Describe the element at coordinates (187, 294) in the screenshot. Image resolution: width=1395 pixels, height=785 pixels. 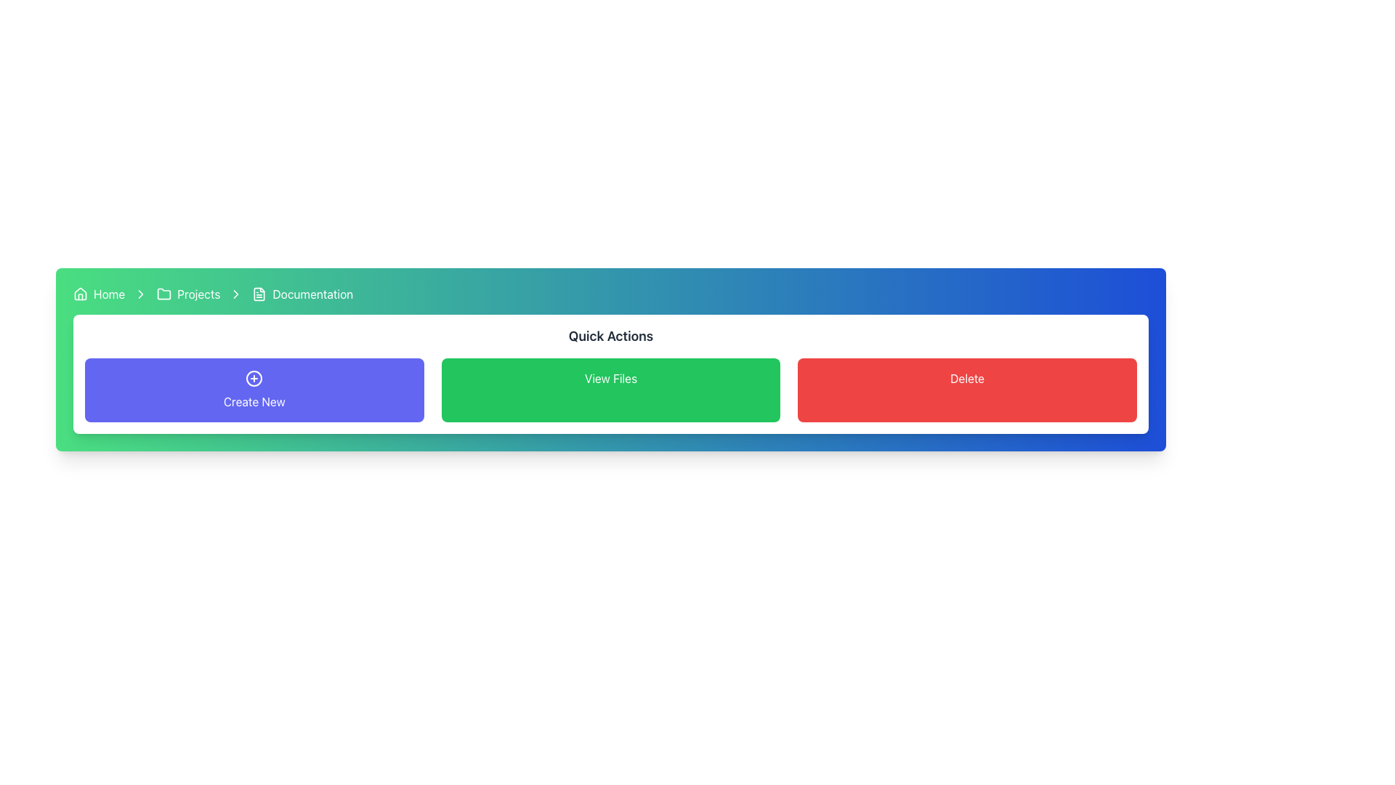
I see `the 'Projects' breadcrumb navigational link, which is the second item in the breadcrumb navigation bar, visually distinguished by its folder icon and sans-serif text, aligned horizontally with 'Home' and 'Documentation'` at that location.